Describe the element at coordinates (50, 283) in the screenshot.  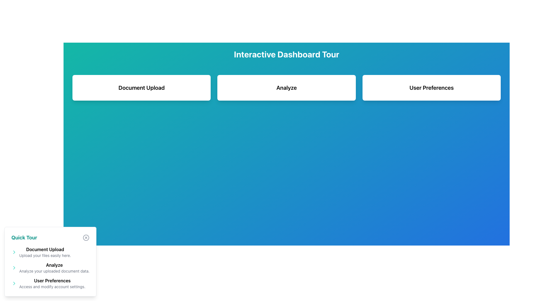
I see `the chevron on the third list item for managing user preferences and account settings in the 'Quick Tour' section` at that location.